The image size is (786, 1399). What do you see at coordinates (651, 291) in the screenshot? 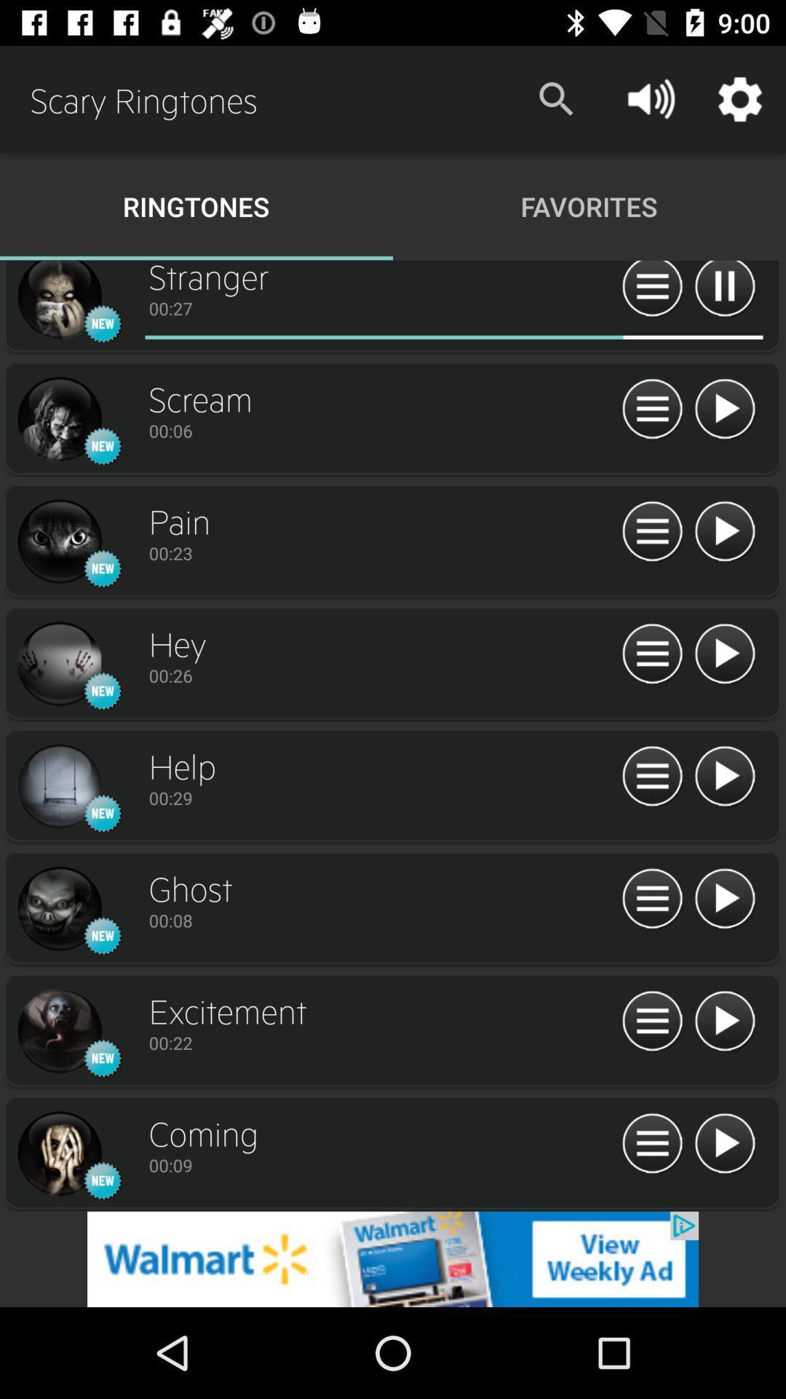
I see `autoplay option` at bounding box center [651, 291].